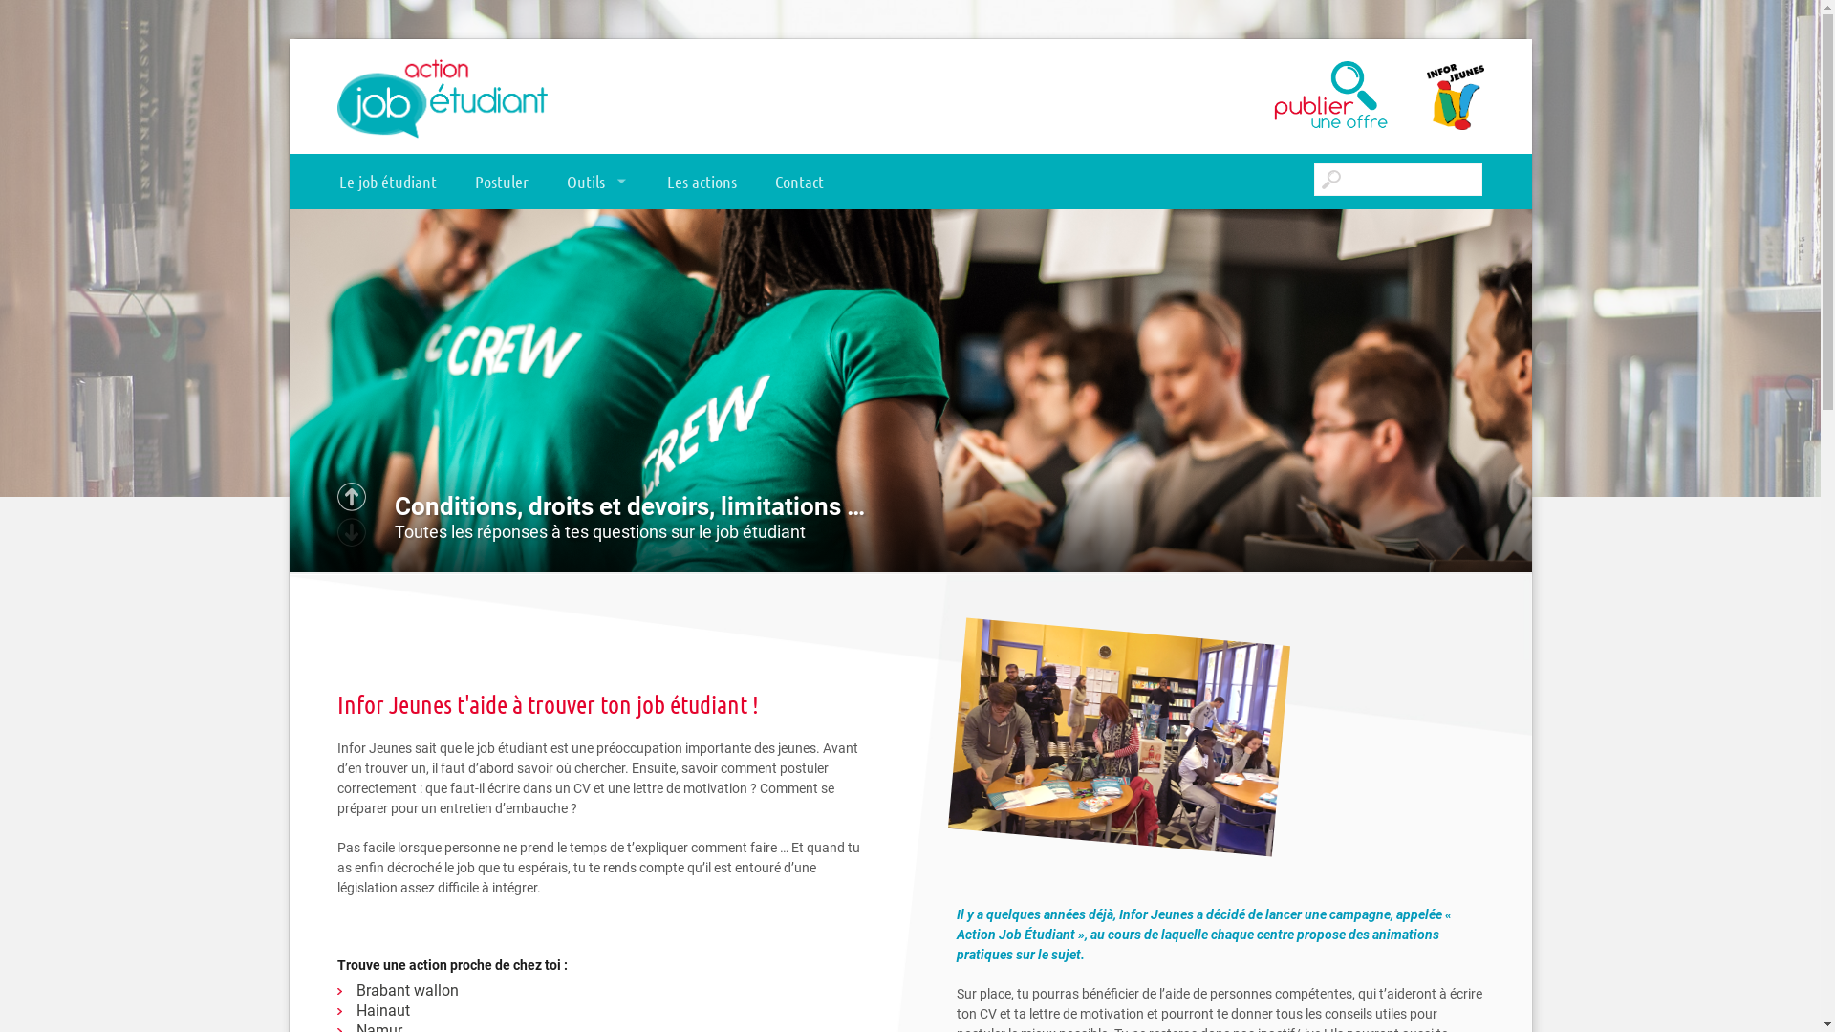  I want to click on 'Outils', so click(595, 183).